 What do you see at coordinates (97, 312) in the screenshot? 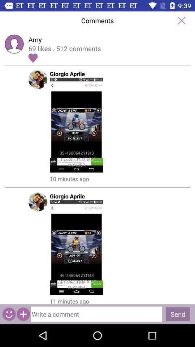
I see `to write a comment option` at bounding box center [97, 312].